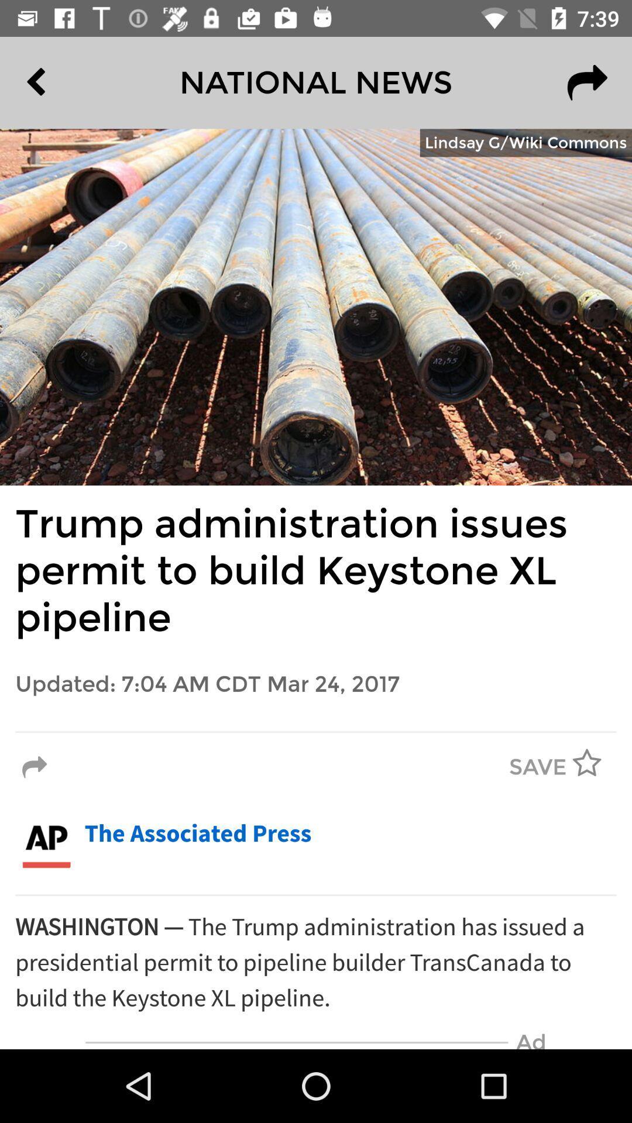 The width and height of the screenshot is (632, 1123). I want to click on the redo icon, so click(587, 82).